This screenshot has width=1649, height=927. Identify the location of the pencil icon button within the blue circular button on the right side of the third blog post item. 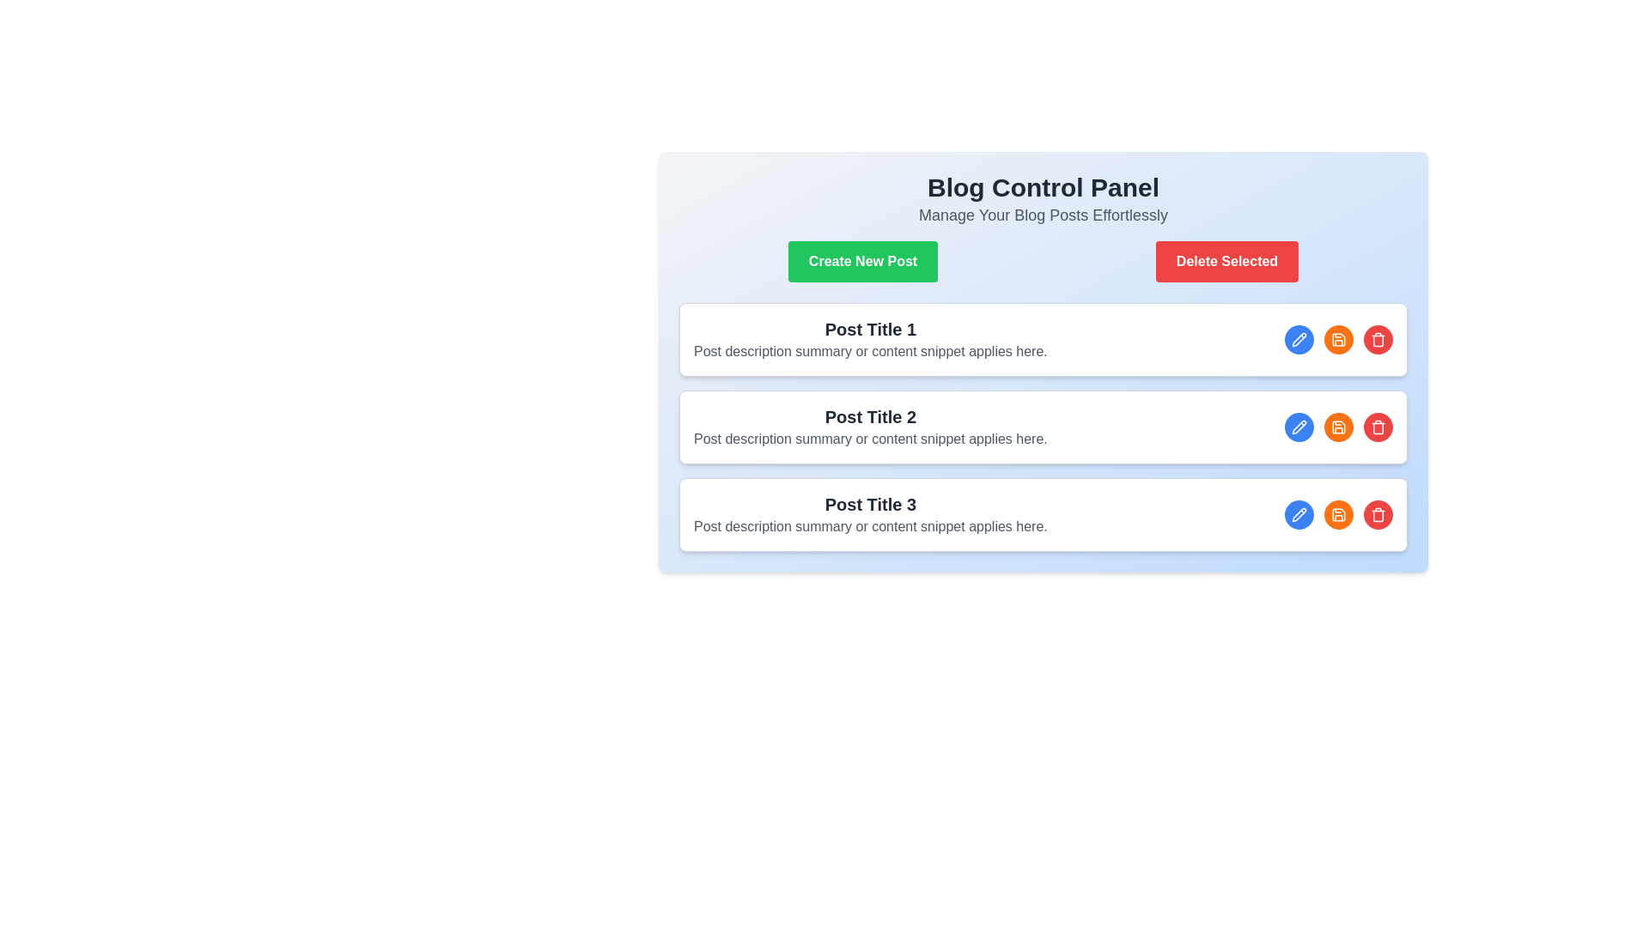
(1299, 426).